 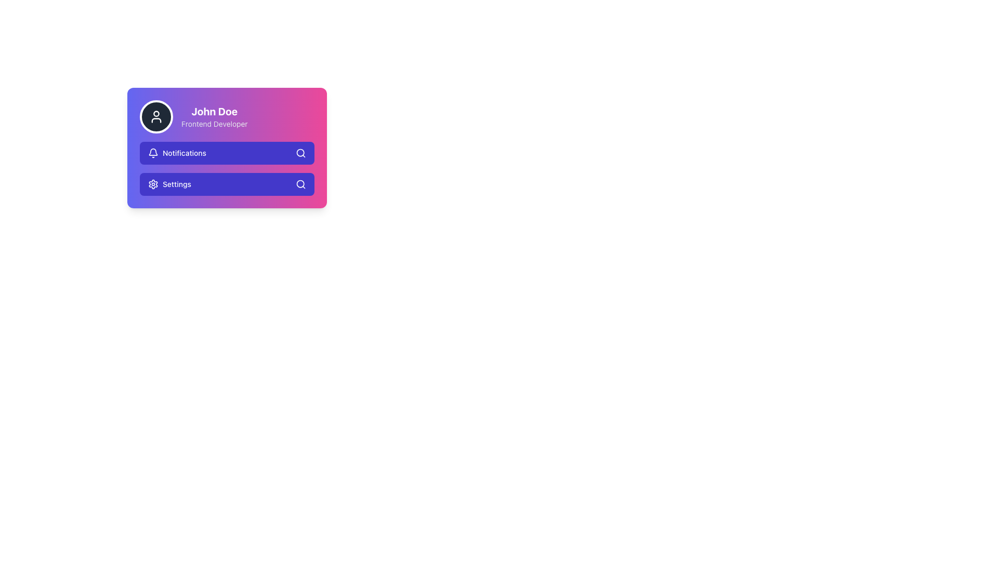 I want to click on the settings label located at the lower-right quadrant of the group card, so click(x=177, y=183).